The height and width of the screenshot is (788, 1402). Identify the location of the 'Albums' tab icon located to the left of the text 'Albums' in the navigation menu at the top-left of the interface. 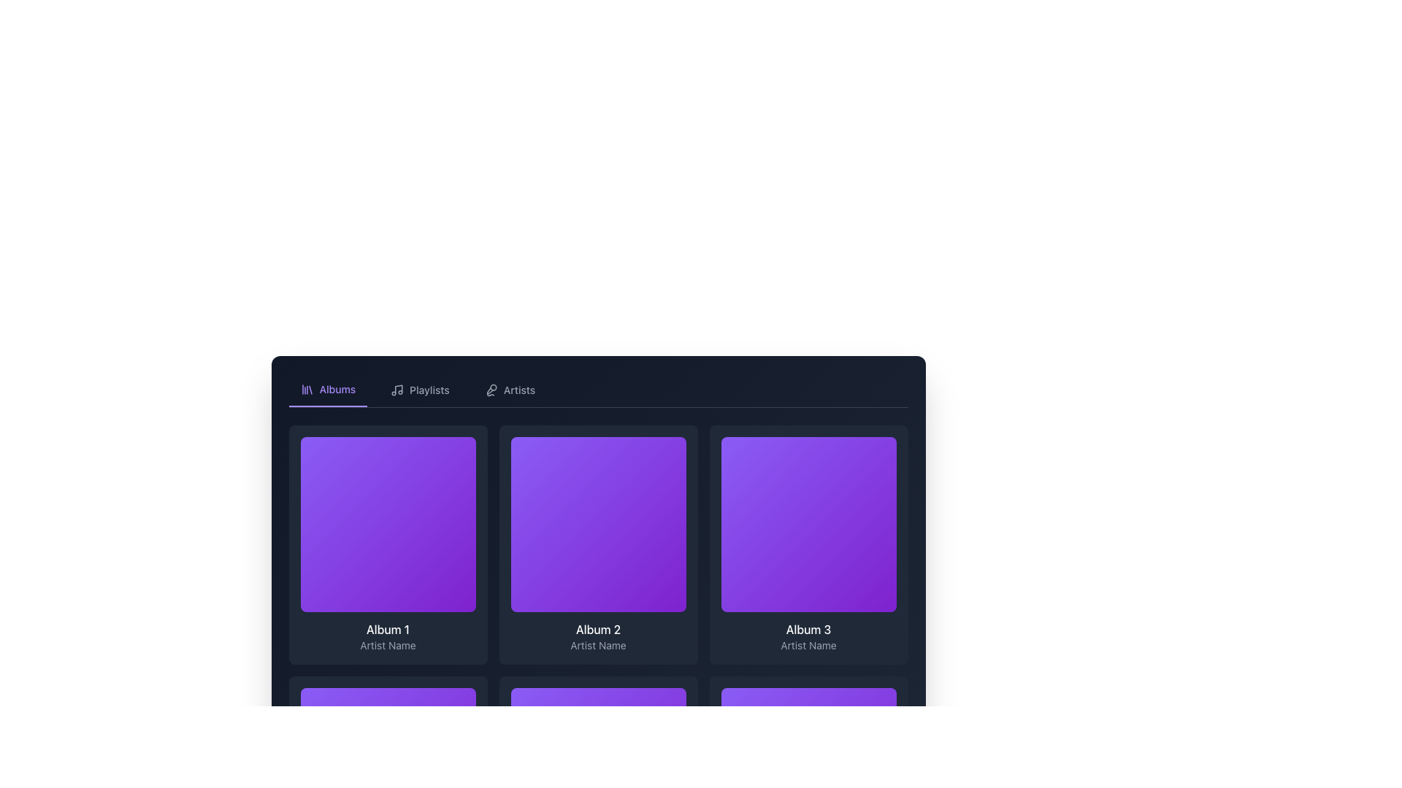
(306, 388).